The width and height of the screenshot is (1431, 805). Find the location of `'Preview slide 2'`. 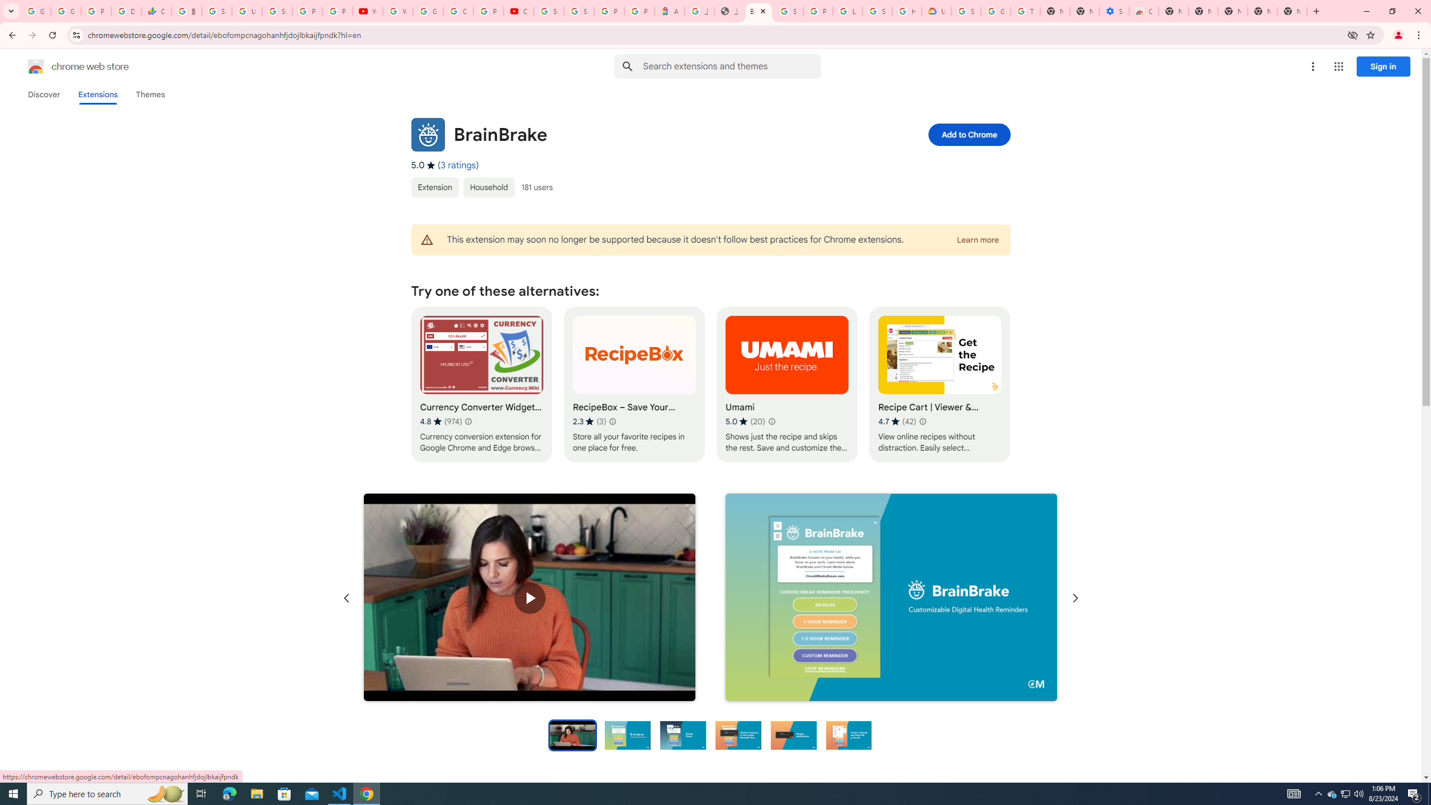

'Preview slide 2' is located at coordinates (627, 734).